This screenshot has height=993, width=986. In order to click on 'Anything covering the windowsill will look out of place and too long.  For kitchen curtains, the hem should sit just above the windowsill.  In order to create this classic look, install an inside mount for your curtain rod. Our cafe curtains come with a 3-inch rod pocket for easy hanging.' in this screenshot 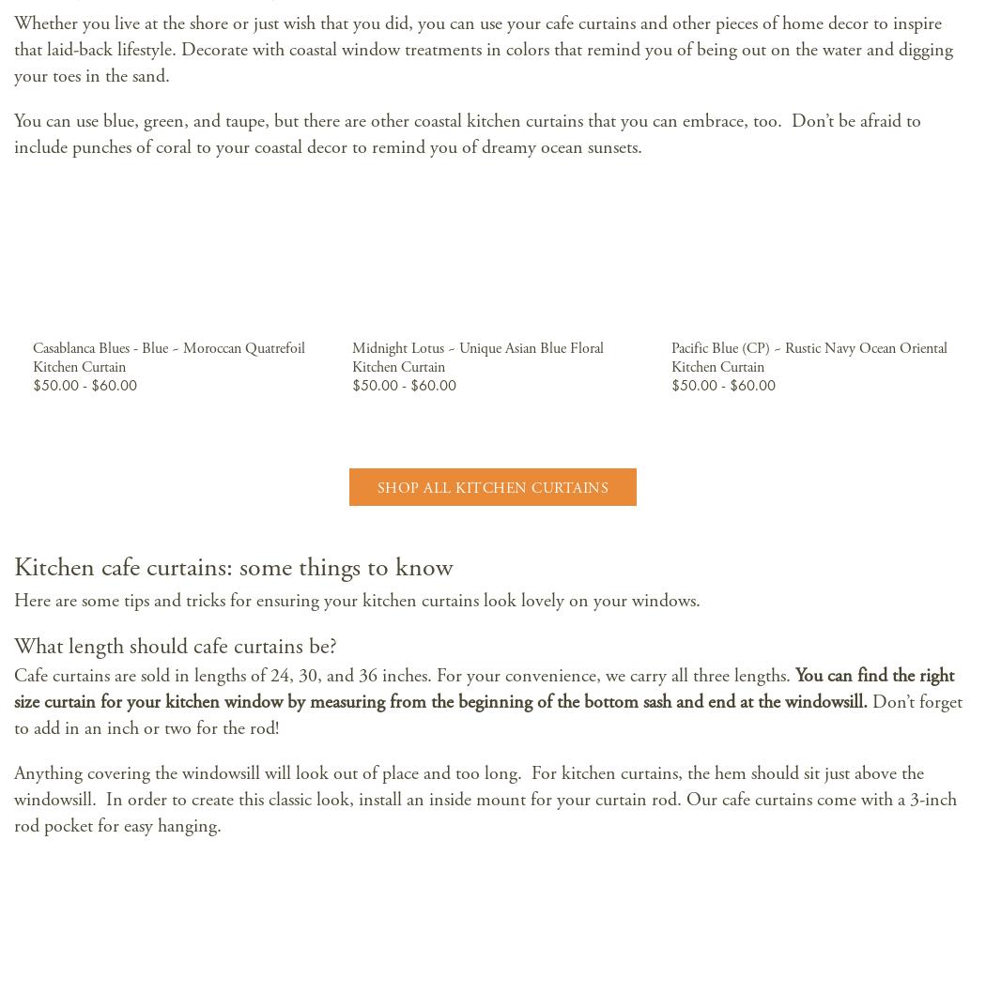, I will do `click(485, 799)`.